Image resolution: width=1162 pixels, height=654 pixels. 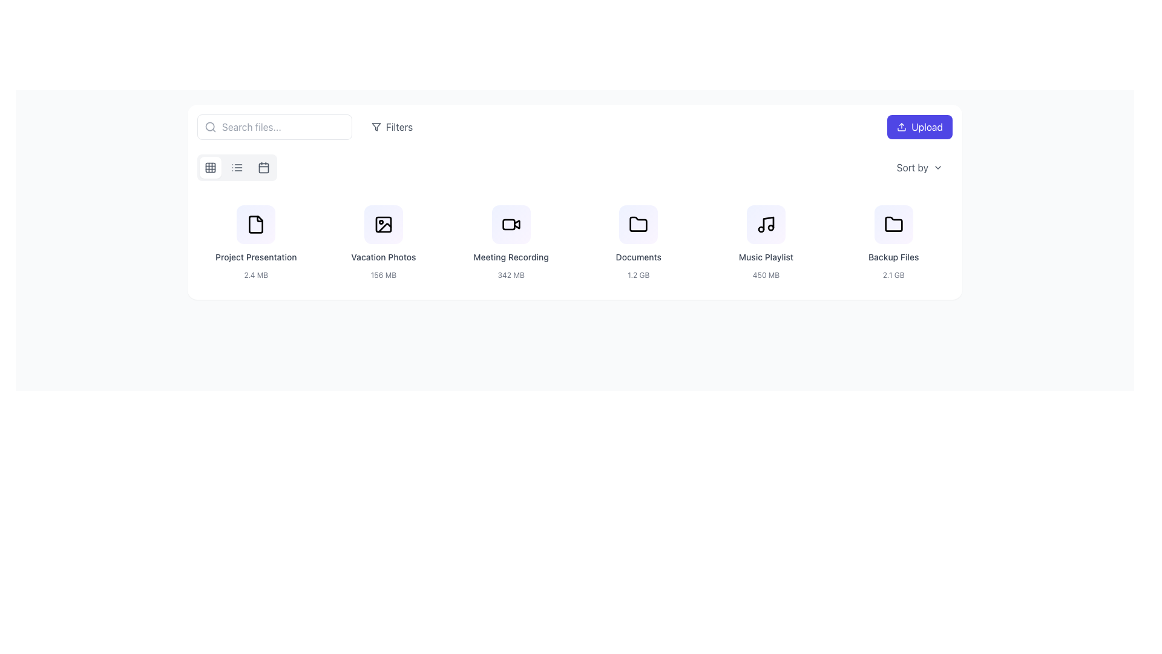 What do you see at coordinates (902, 127) in the screenshot?
I see `the decorative icon of the 'Upload' button located in the top-right corner of the interface` at bounding box center [902, 127].